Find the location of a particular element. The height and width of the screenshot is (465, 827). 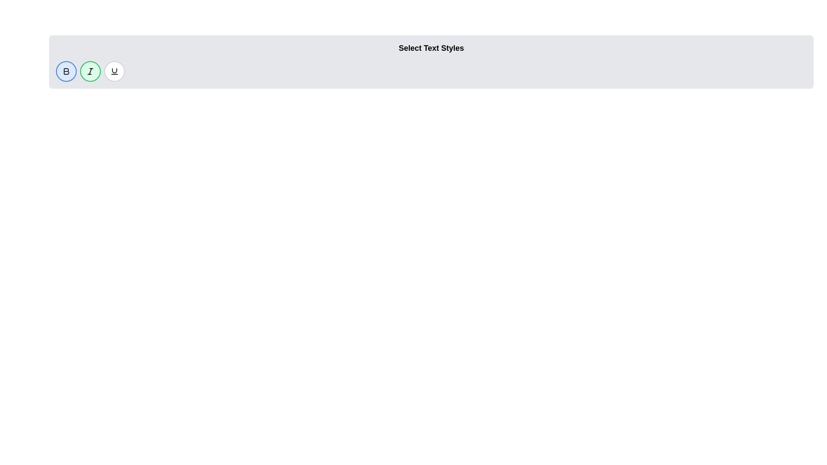

the underline formatting button, which is the fourth button from the left in the row of formatting buttons, to apply underline formatting to the selected text is located at coordinates (114, 71).